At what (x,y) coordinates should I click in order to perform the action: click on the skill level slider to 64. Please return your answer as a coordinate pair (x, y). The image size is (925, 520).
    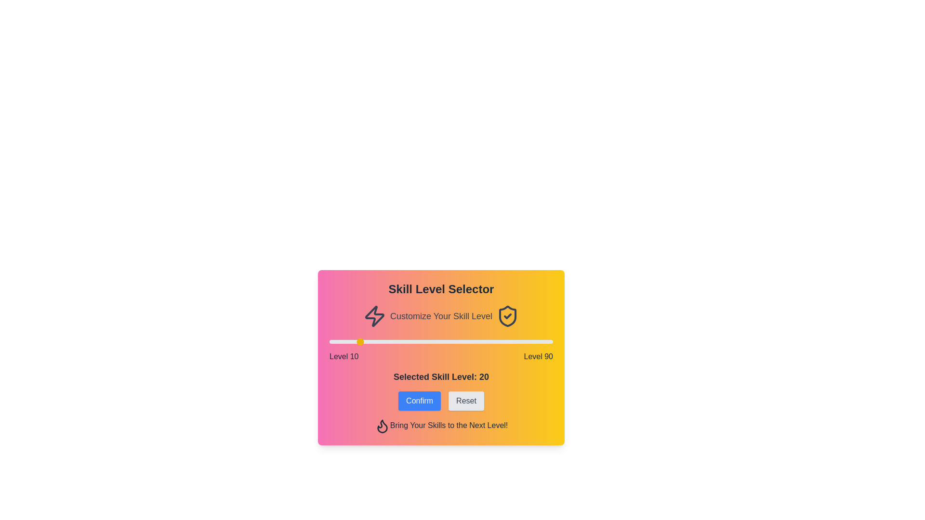
    Looking at the image, I should click on (480, 341).